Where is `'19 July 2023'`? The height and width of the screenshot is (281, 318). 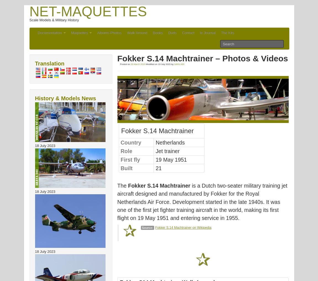 '19 July 2023' is located at coordinates (157, 64).